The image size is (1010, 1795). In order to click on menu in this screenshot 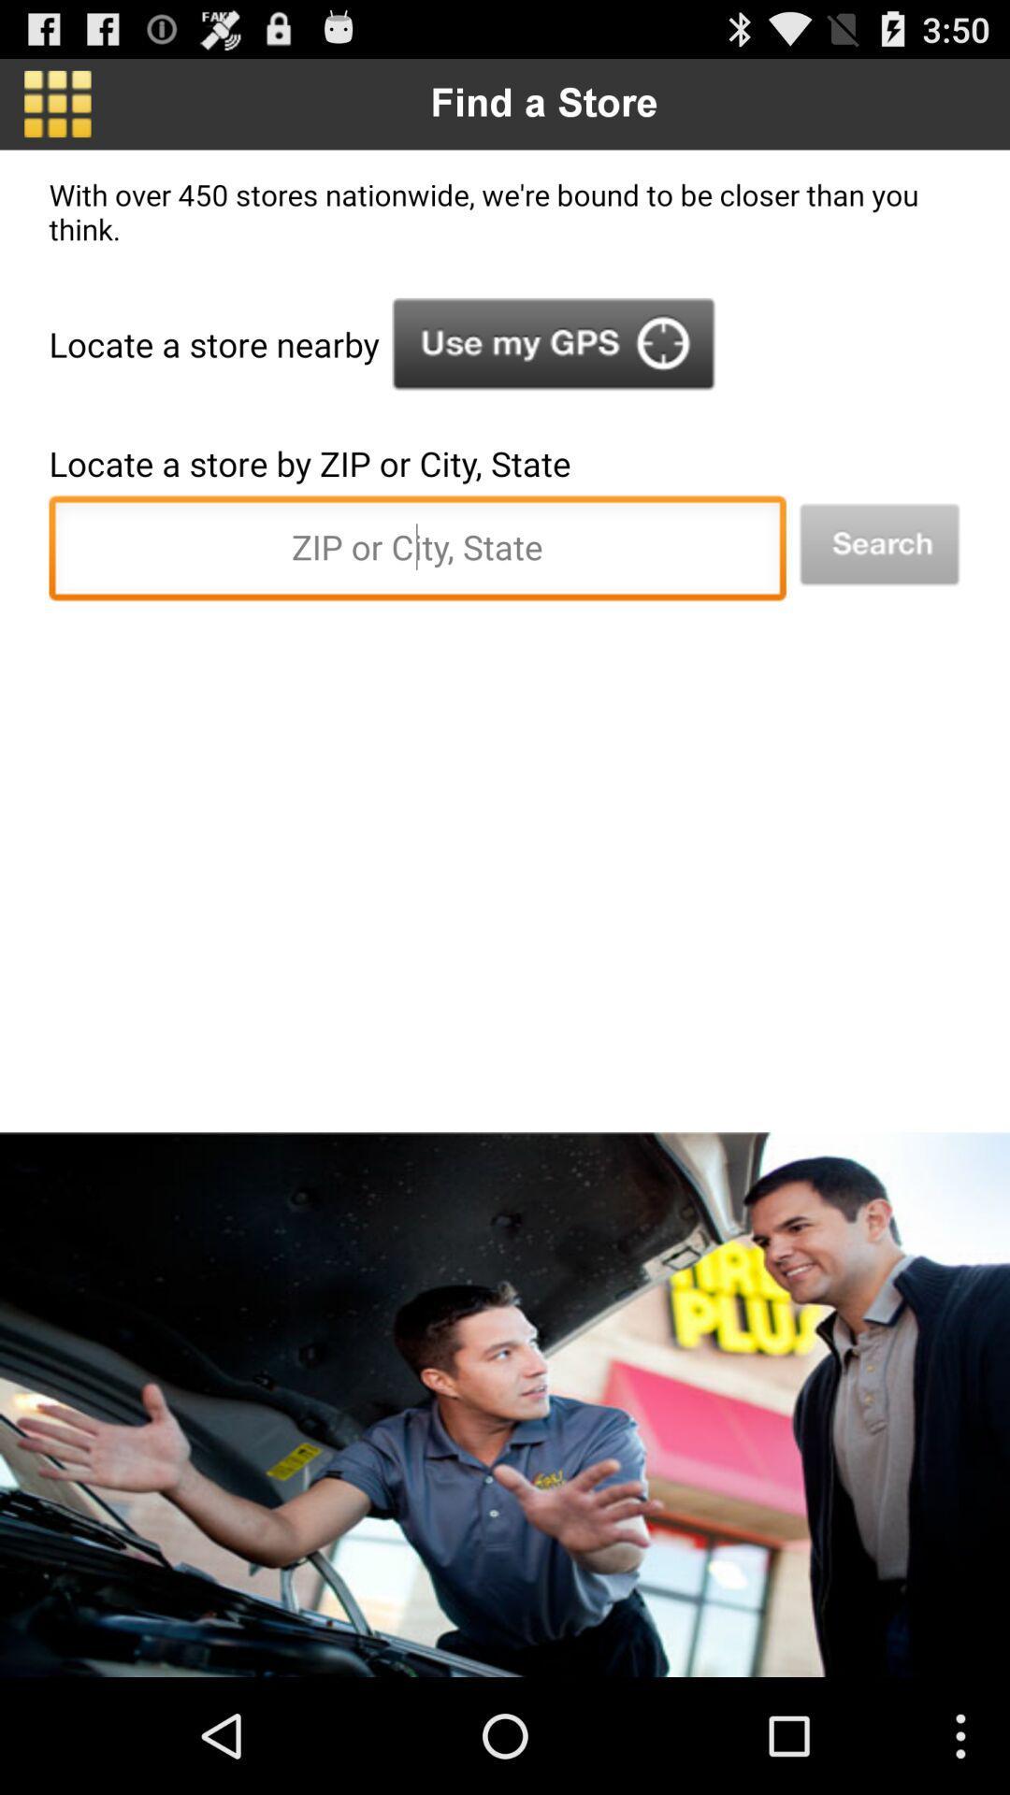, I will do `click(56, 103)`.